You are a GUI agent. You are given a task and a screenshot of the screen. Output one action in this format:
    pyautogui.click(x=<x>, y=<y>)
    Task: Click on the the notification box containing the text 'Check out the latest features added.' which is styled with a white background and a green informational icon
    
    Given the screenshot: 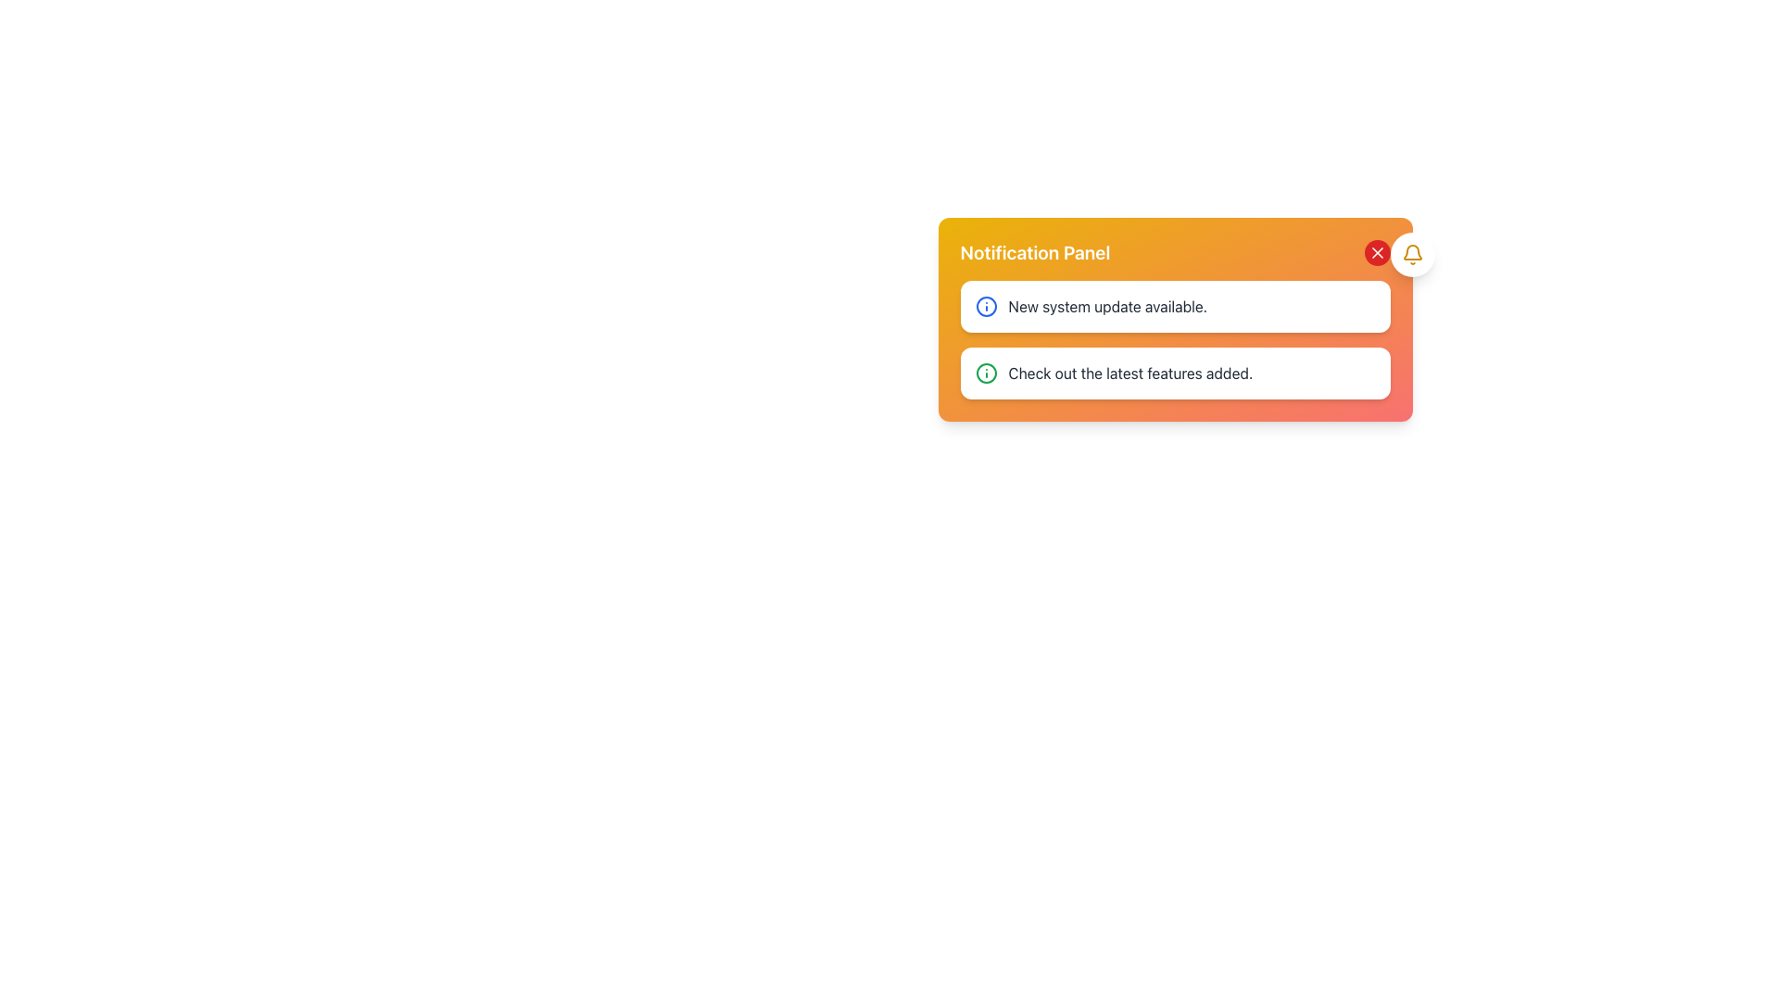 What is the action you would take?
    pyautogui.click(x=1174, y=373)
    